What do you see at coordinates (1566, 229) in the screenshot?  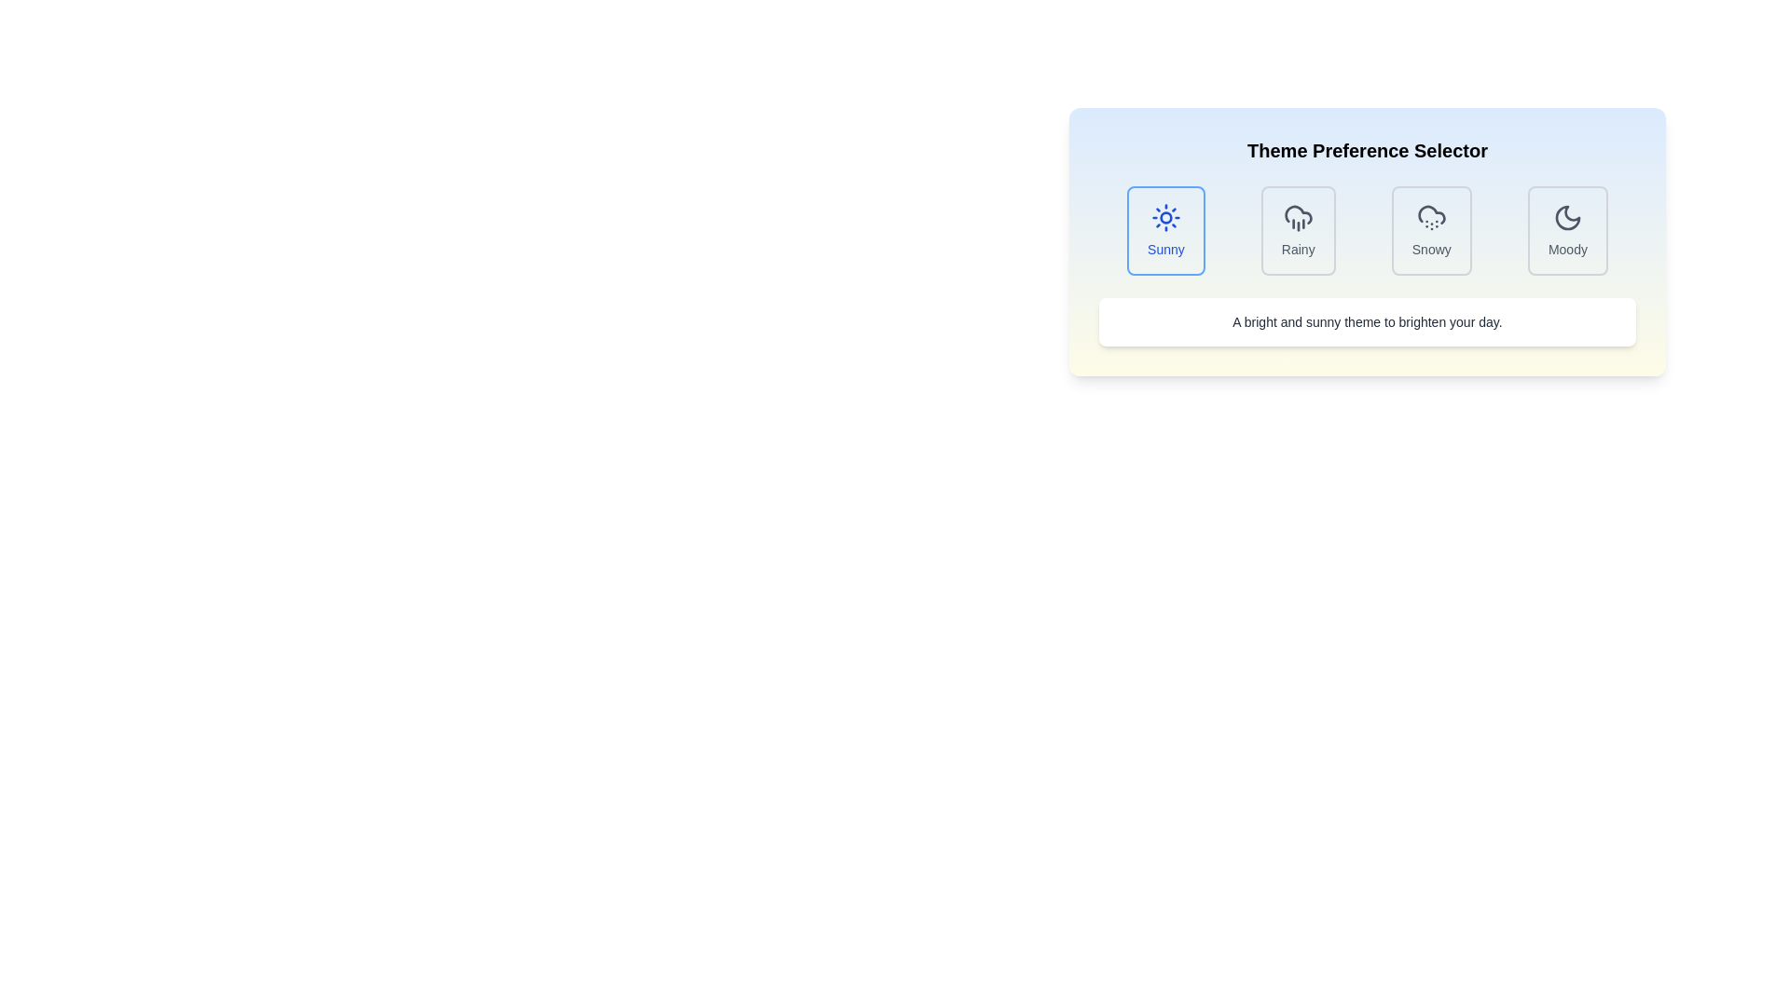 I see `the theme Moody by clicking on the corresponding button` at bounding box center [1566, 229].